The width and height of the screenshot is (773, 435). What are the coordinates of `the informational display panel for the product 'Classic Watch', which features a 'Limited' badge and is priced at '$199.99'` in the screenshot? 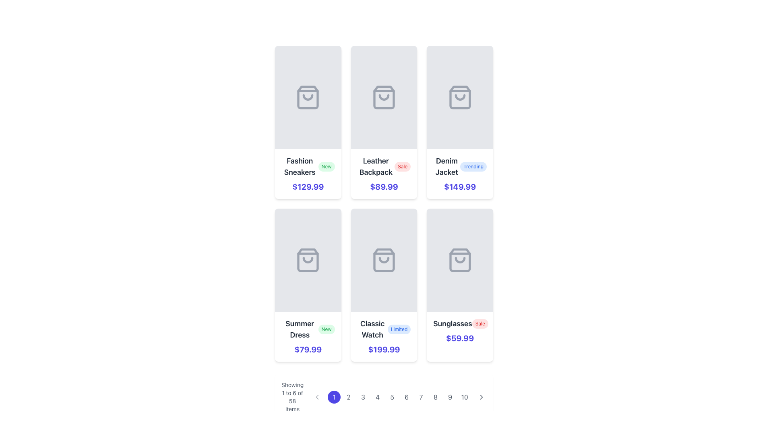 It's located at (384, 337).